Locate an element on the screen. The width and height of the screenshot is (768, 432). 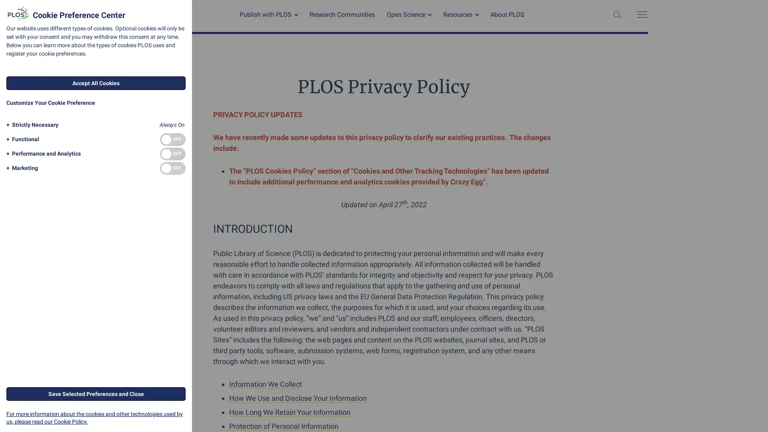
Toggle explanation of Functional Cookies. is located at coordinates (21, 139).